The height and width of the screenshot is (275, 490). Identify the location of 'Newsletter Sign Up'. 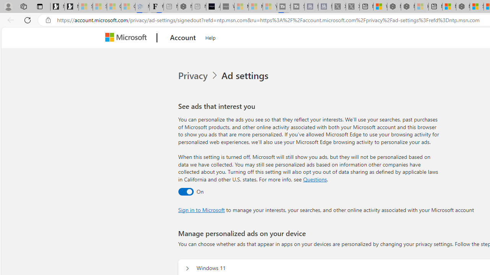
(71, 6).